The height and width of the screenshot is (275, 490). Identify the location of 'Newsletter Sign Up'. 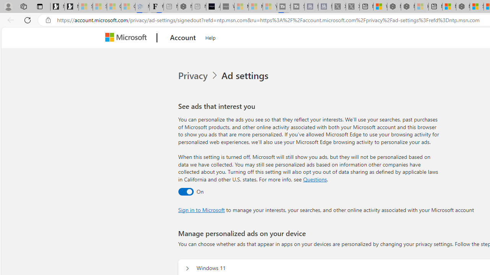
(71, 6).